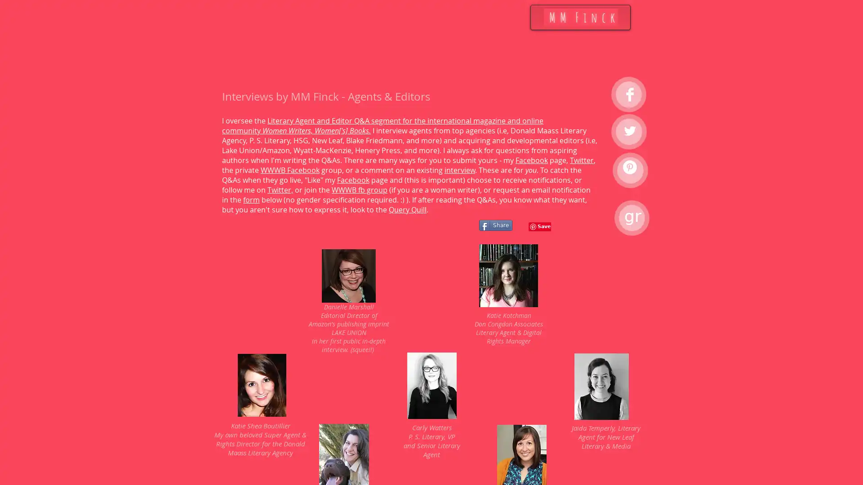 The height and width of the screenshot is (485, 863). Describe the element at coordinates (495, 225) in the screenshot. I see `Share` at that location.